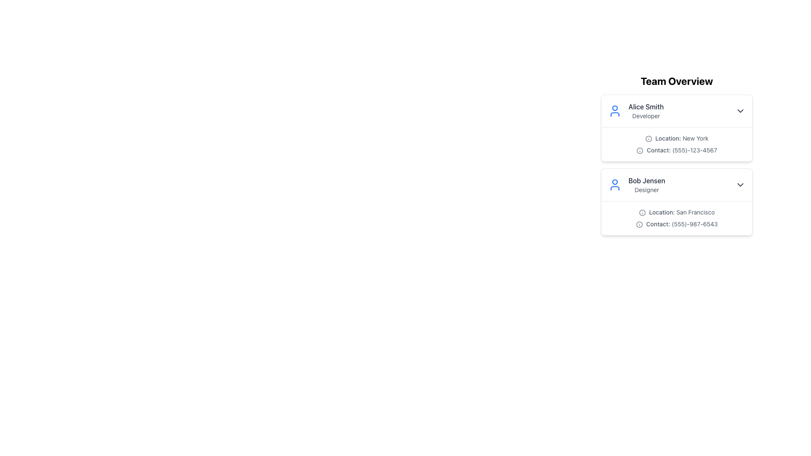  I want to click on the label displaying 'Bob Jensen' which is the second profile in the team members' list, located below 'Alice Smith - Developer', so click(646, 185).